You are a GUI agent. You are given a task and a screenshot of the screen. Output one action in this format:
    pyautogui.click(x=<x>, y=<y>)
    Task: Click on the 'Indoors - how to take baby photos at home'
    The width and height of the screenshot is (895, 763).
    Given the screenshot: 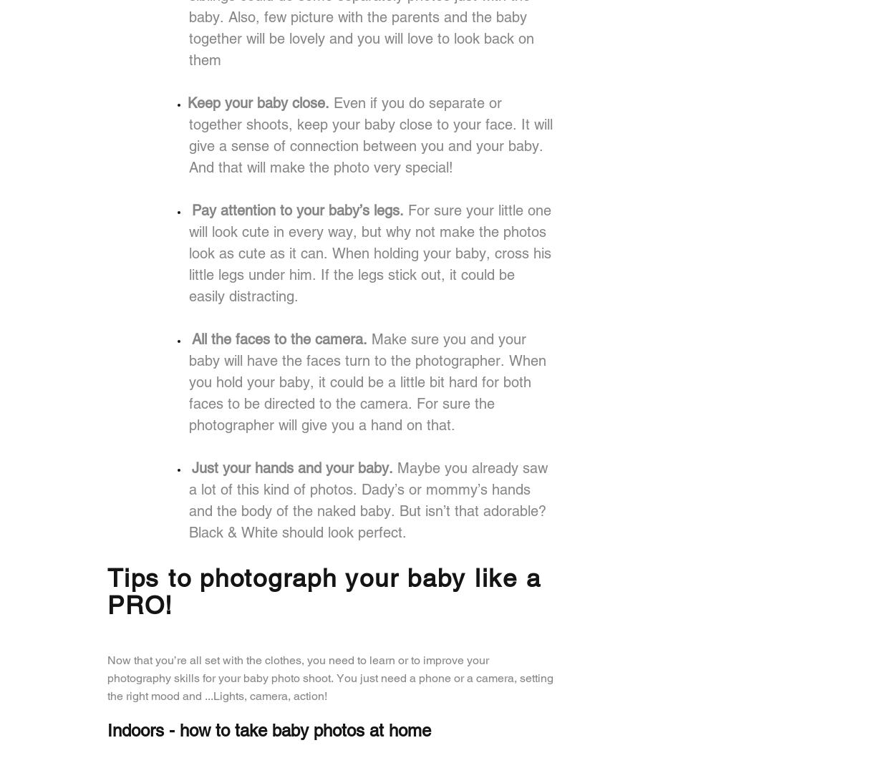 What is the action you would take?
    pyautogui.click(x=269, y=729)
    